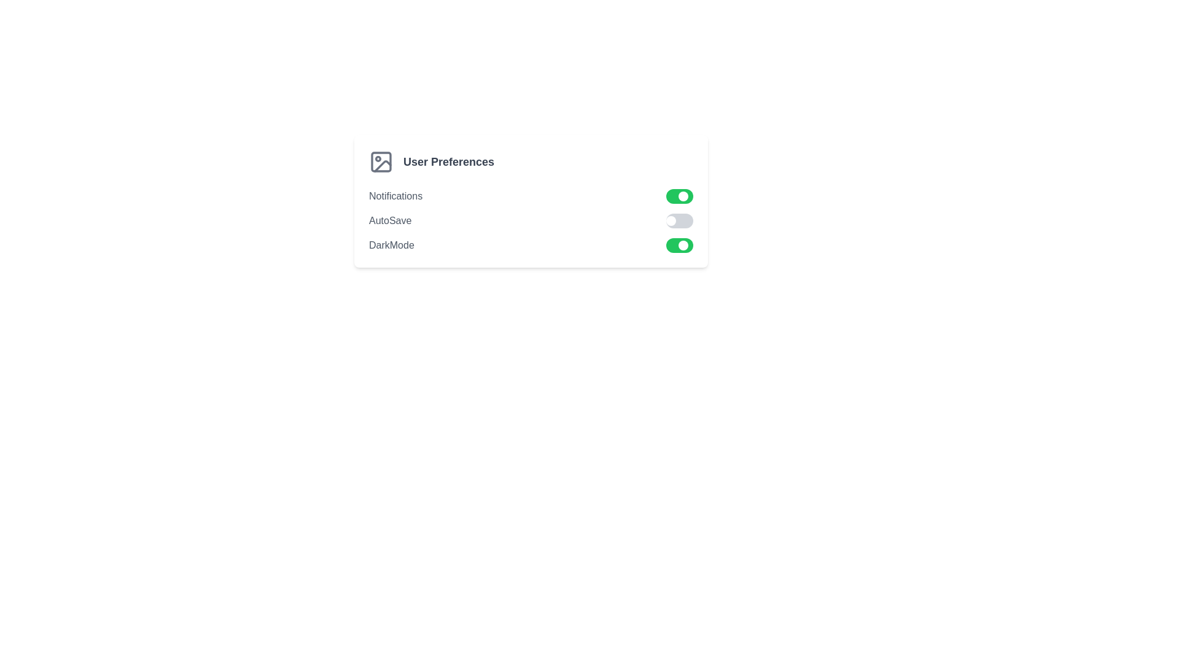 This screenshot has height=663, width=1179. What do you see at coordinates (679, 196) in the screenshot?
I see `the toggle switch with a green background indicating its active state, located in the right section of the 'Notifications' row in the settings panel` at bounding box center [679, 196].